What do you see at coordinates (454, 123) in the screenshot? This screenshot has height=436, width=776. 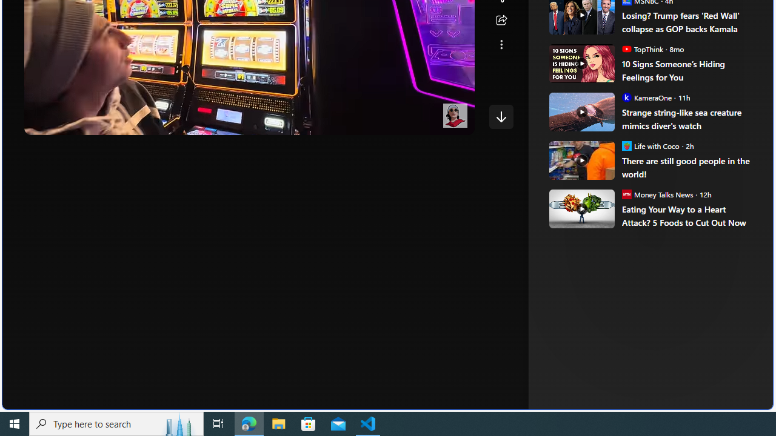 I see `'Full screen (f)'` at bounding box center [454, 123].